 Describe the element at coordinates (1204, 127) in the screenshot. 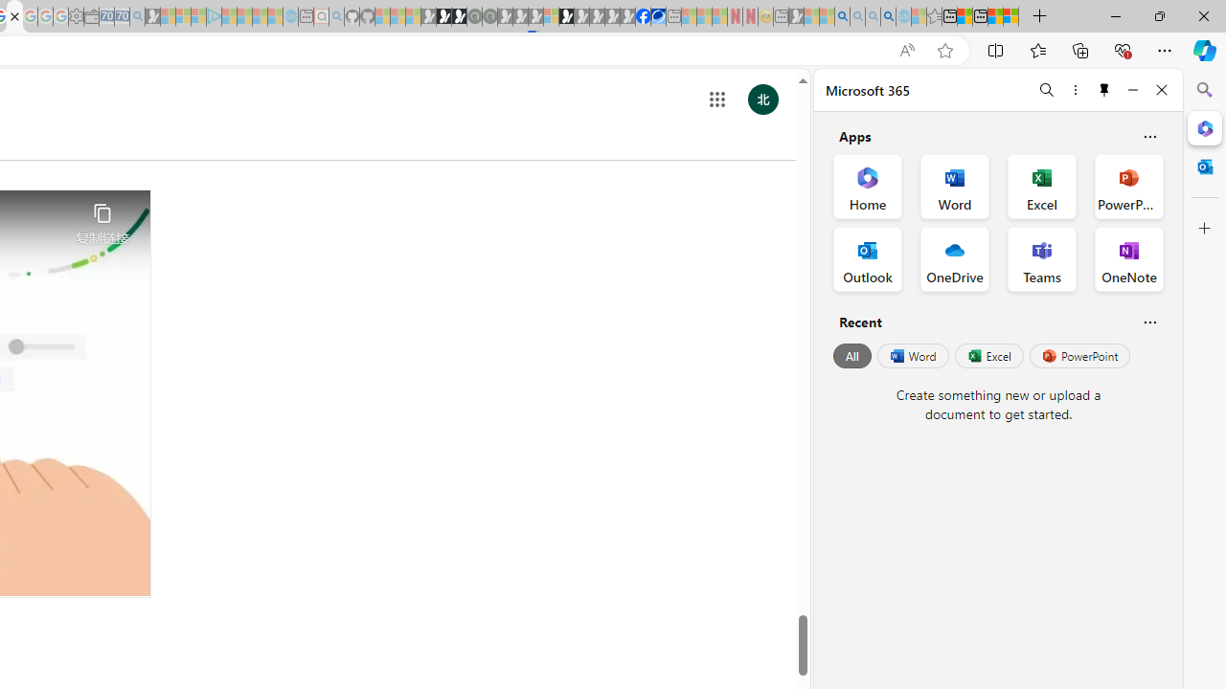

I see `'Close Microsoft 365 pane'` at that location.